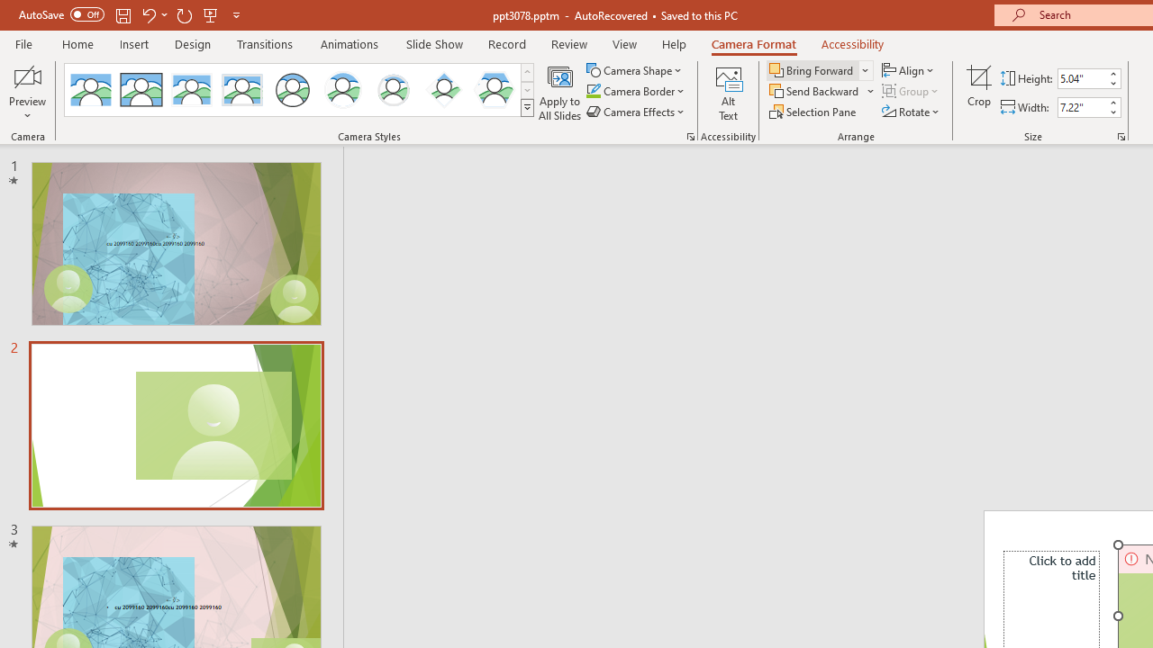 This screenshot has height=648, width=1153. I want to click on 'Camera Styles', so click(526, 108).